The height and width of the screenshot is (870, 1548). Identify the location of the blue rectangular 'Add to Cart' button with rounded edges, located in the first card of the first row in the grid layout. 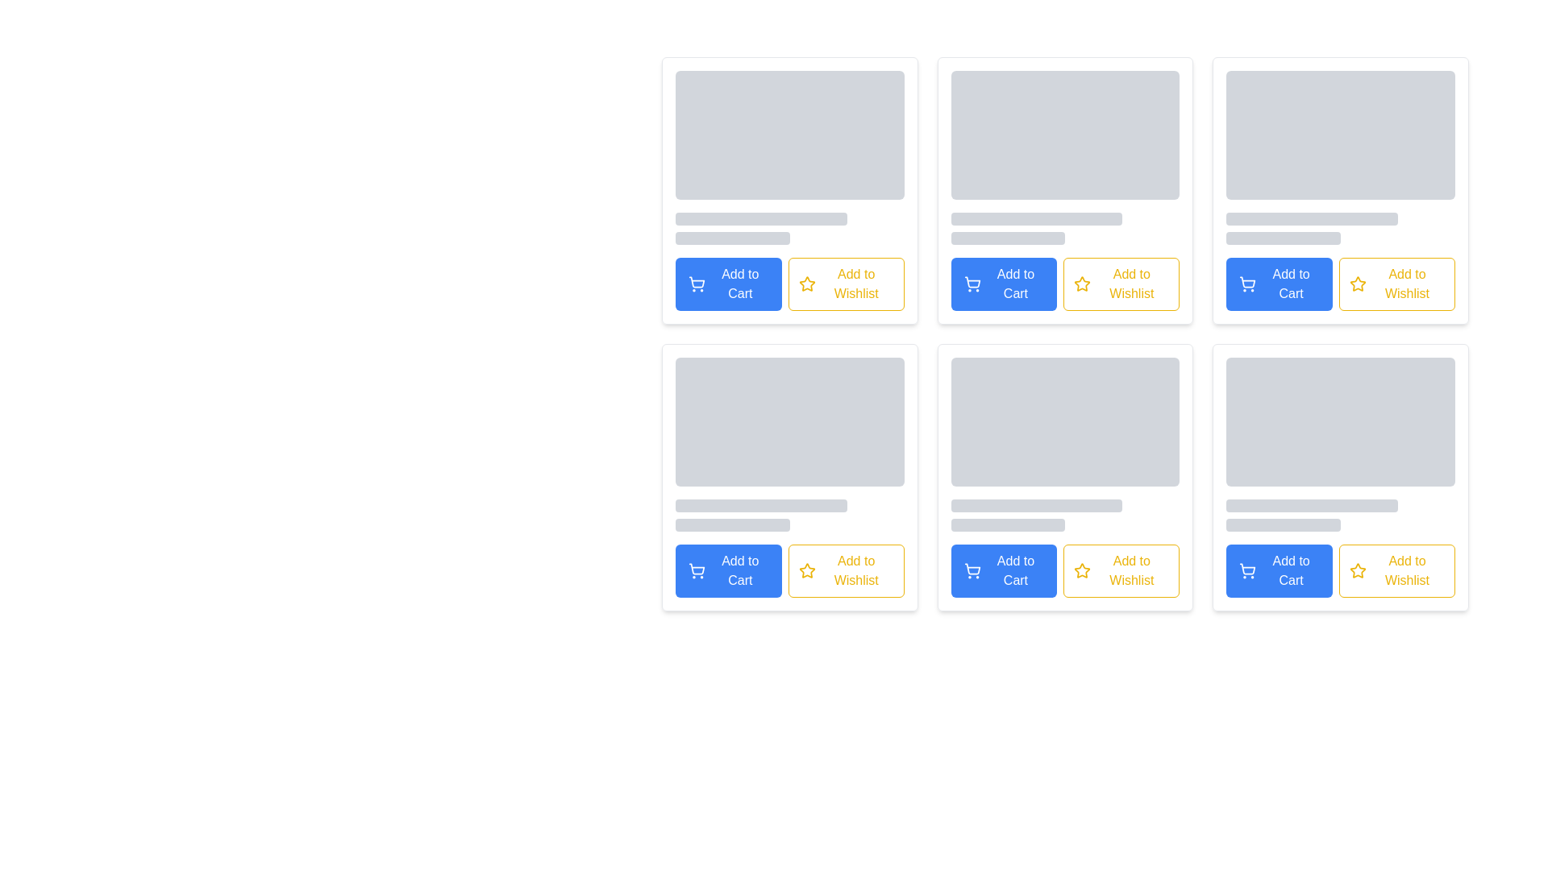
(727, 284).